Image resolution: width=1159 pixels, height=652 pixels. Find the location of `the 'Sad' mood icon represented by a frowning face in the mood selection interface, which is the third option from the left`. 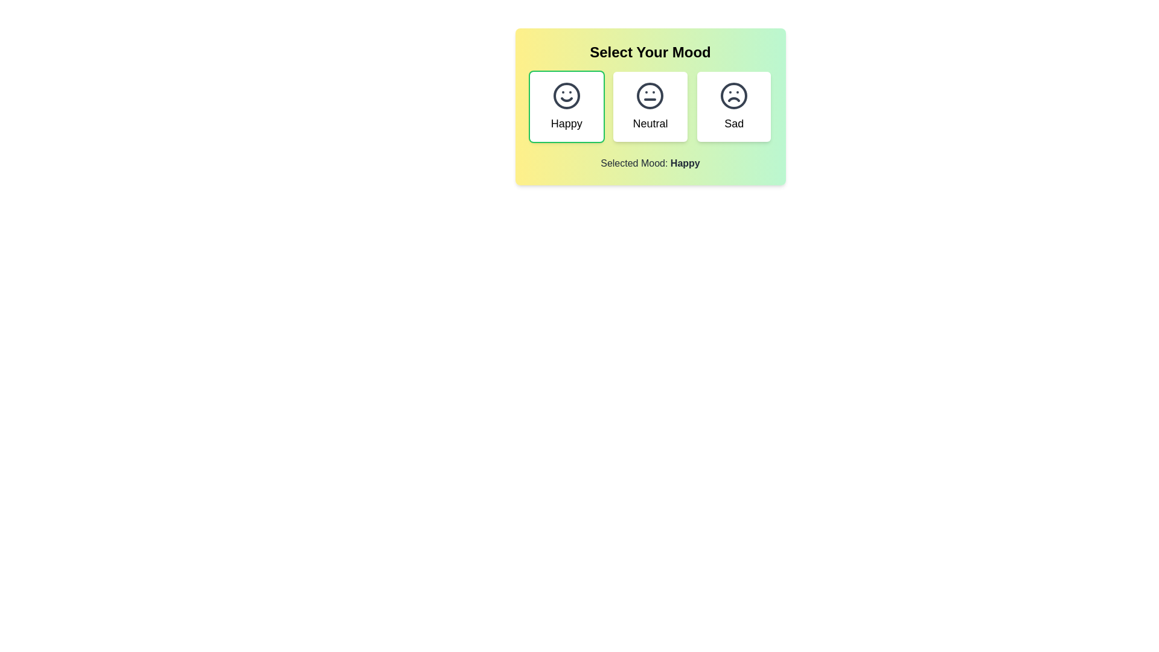

the 'Sad' mood icon represented by a frowning face in the mood selection interface, which is the third option from the left is located at coordinates (733, 95).